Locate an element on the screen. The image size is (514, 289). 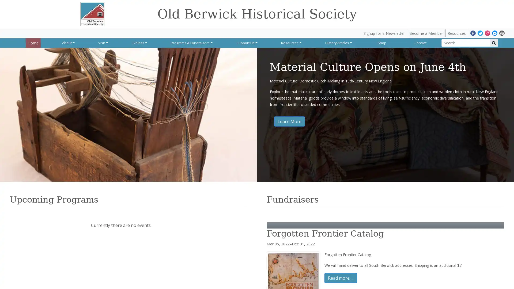
Visit is located at coordinates (103, 42).